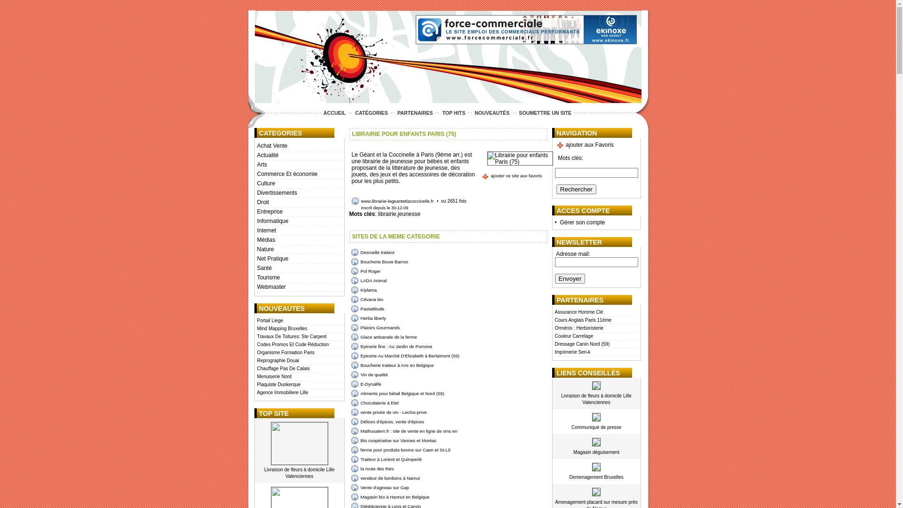 The width and height of the screenshot is (903, 508). I want to click on 'Portail Liege', so click(257, 320).